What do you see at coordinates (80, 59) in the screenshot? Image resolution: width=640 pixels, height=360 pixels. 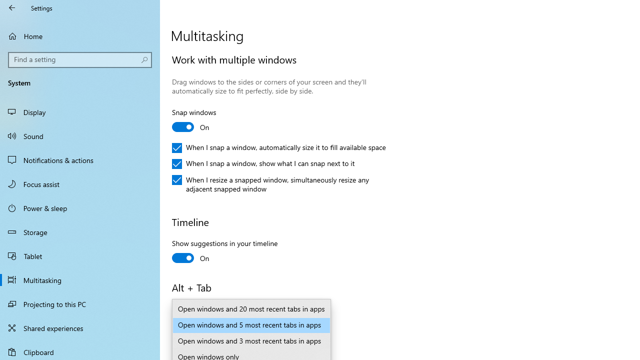 I see `'Search box, Find a setting'` at bounding box center [80, 59].